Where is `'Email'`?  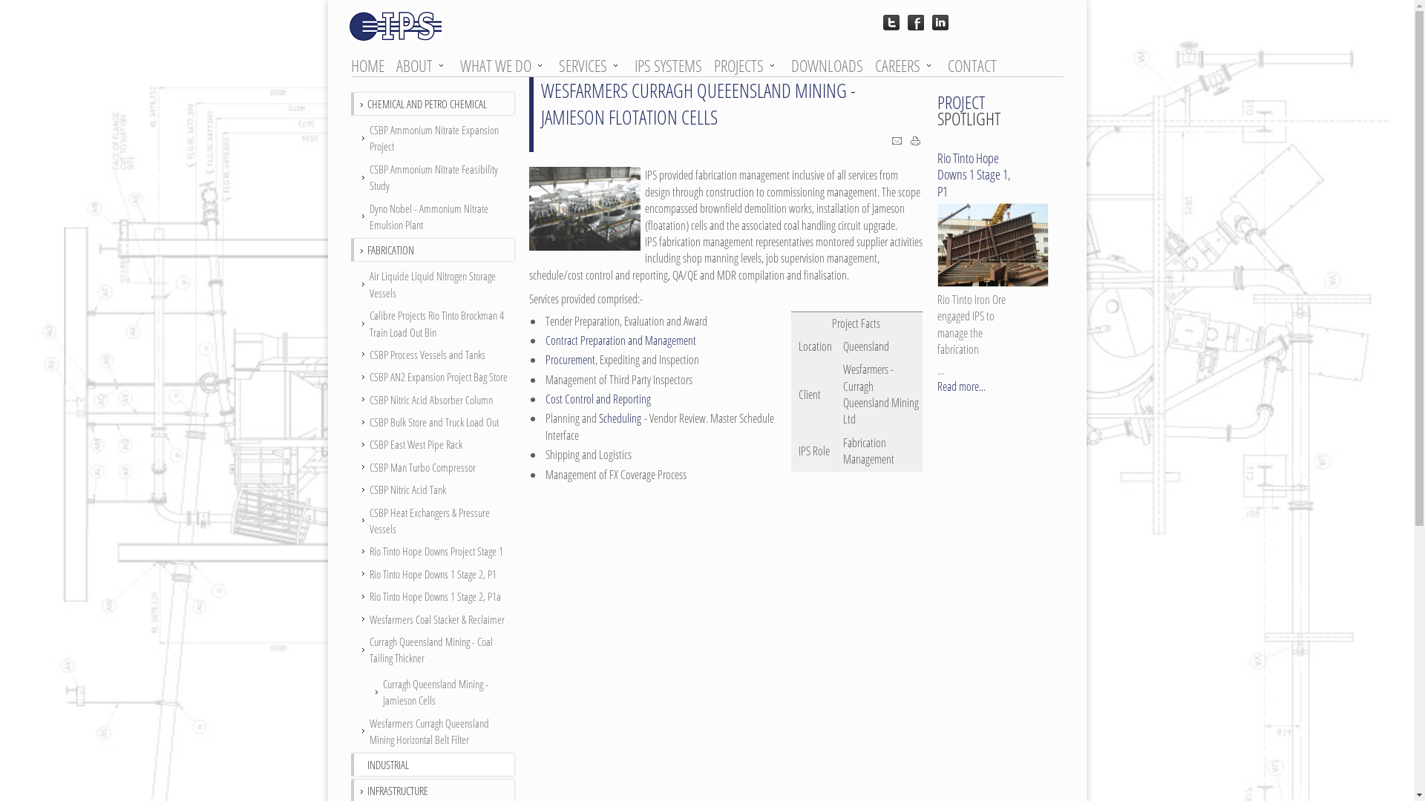 'Email' is located at coordinates (895, 142).